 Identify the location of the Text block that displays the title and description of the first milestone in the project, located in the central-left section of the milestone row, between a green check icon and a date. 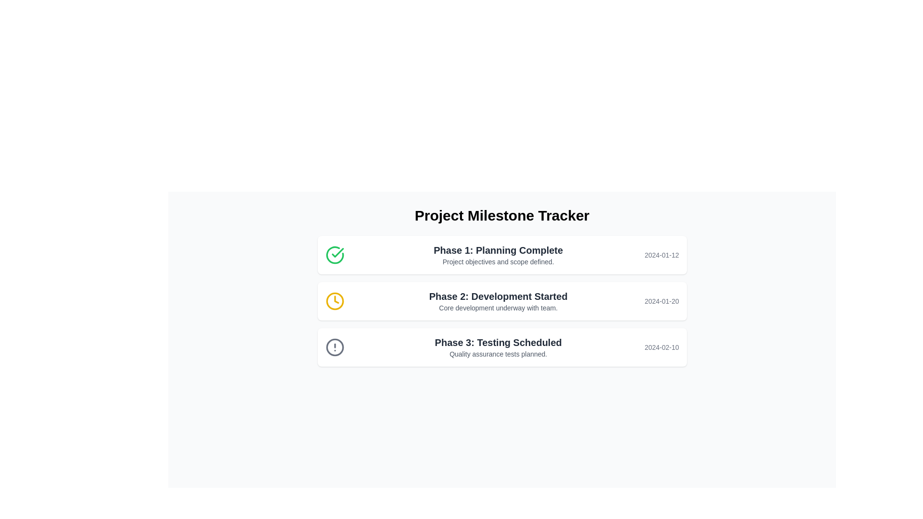
(498, 255).